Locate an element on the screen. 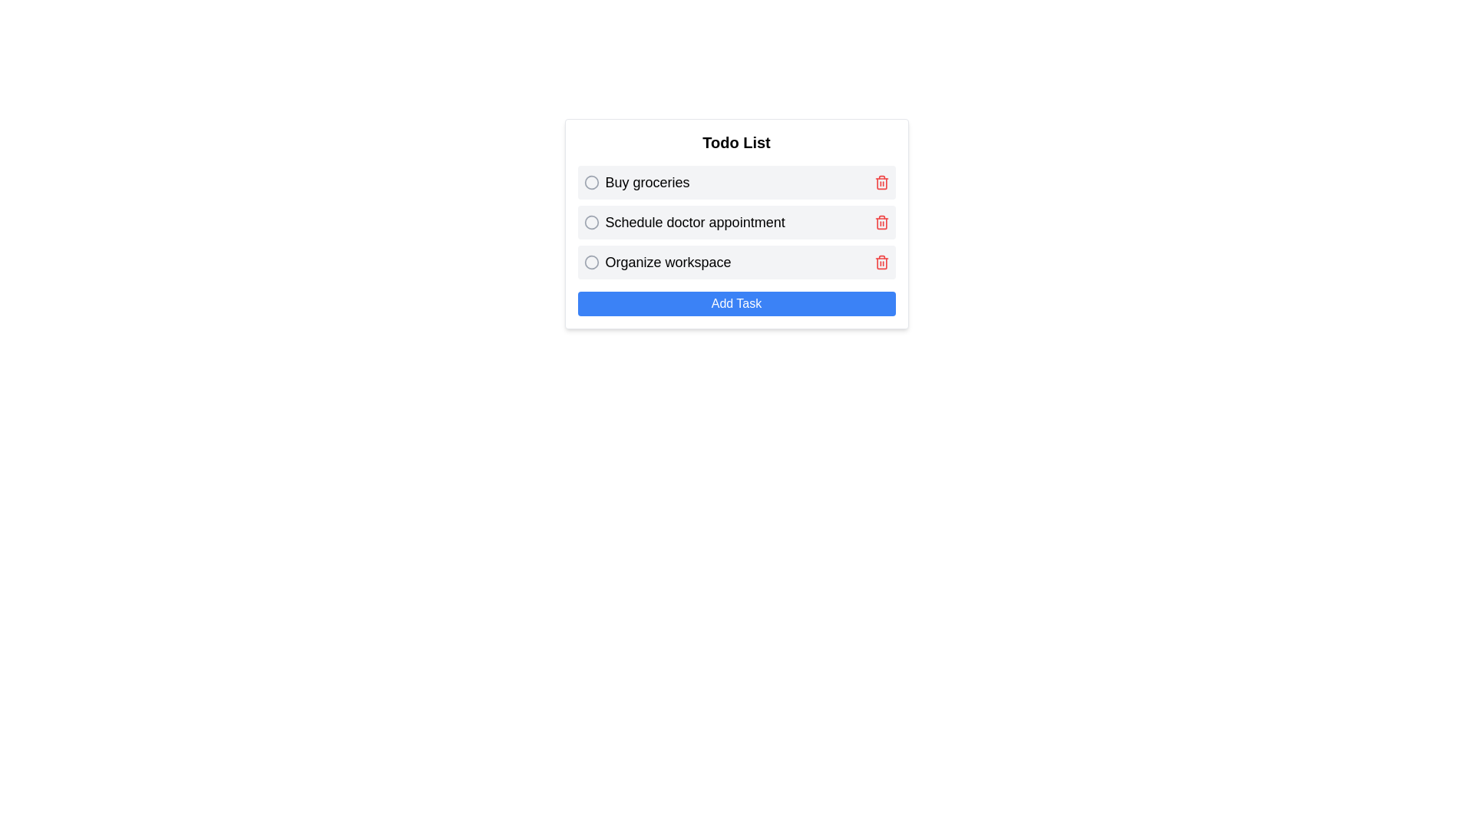  the circular icon of the third task item in the checklist to mark the task as complete is located at coordinates (657, 262).